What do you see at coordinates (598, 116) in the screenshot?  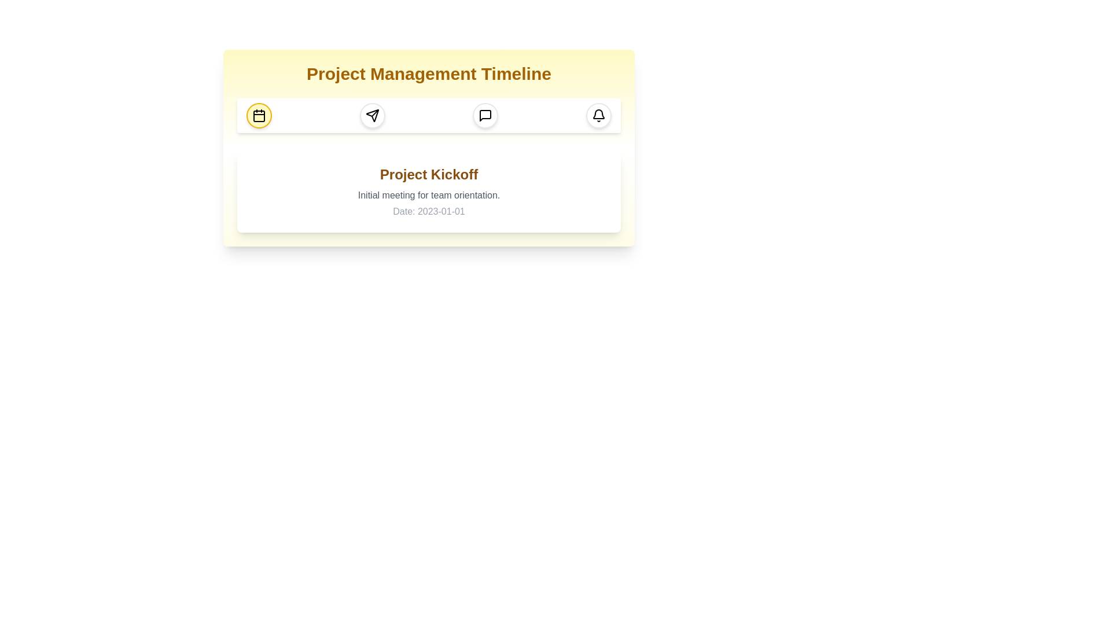 I see `the circular notification button with a black bell icon located at the rightmost position in the header section of the 'Project Management Timeline' panel` at bounding box center [598, 116].